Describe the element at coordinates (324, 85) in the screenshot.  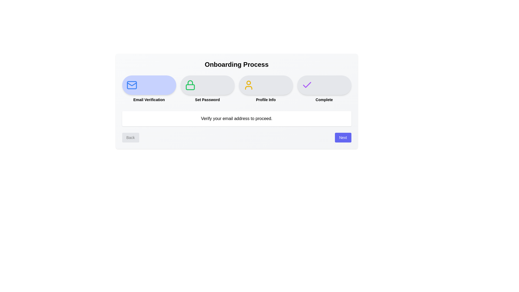
I see `the step Complete to inspect its feedback` at that location.